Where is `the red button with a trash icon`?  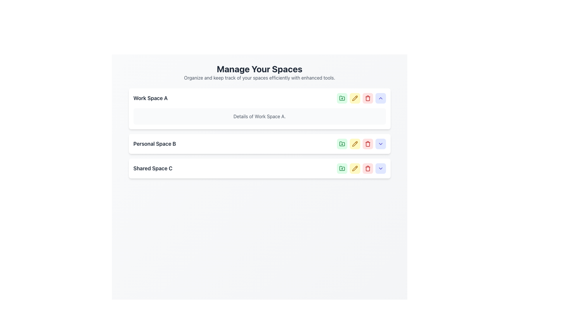
the red button with a trash icon is located at coordinates (367, 168).